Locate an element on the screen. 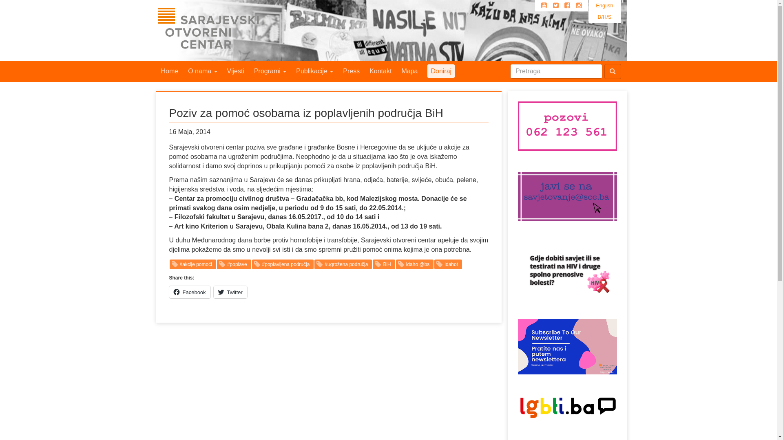 The width and height of the screenshot is (783, 440). '#poplave' is located at coordinates (217, 264).